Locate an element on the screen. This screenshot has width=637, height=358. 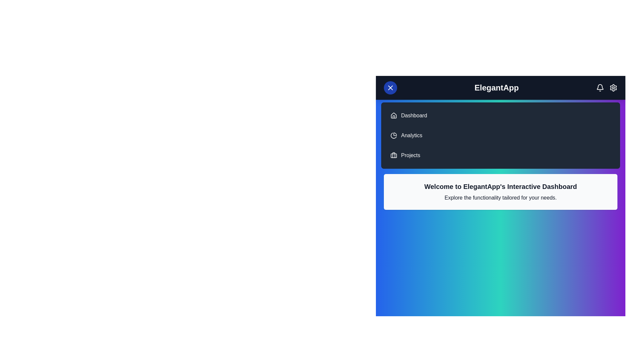
the Settings icon to open the settings is located at coordinates (613, 88).